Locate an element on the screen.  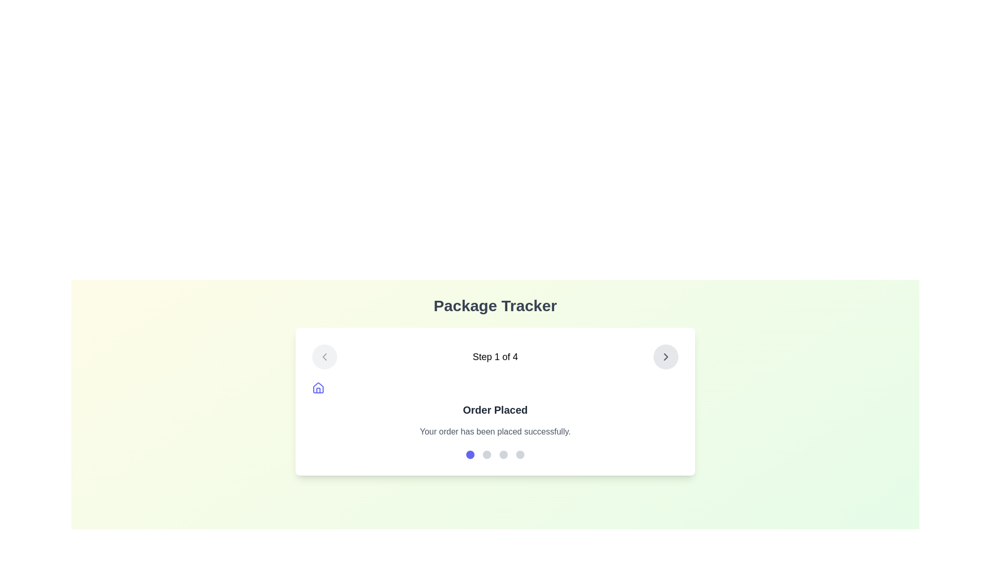
the second circular step indicator in the multi-step process tracker below the 'Order Placed' text is located at coordinates (486, 454).